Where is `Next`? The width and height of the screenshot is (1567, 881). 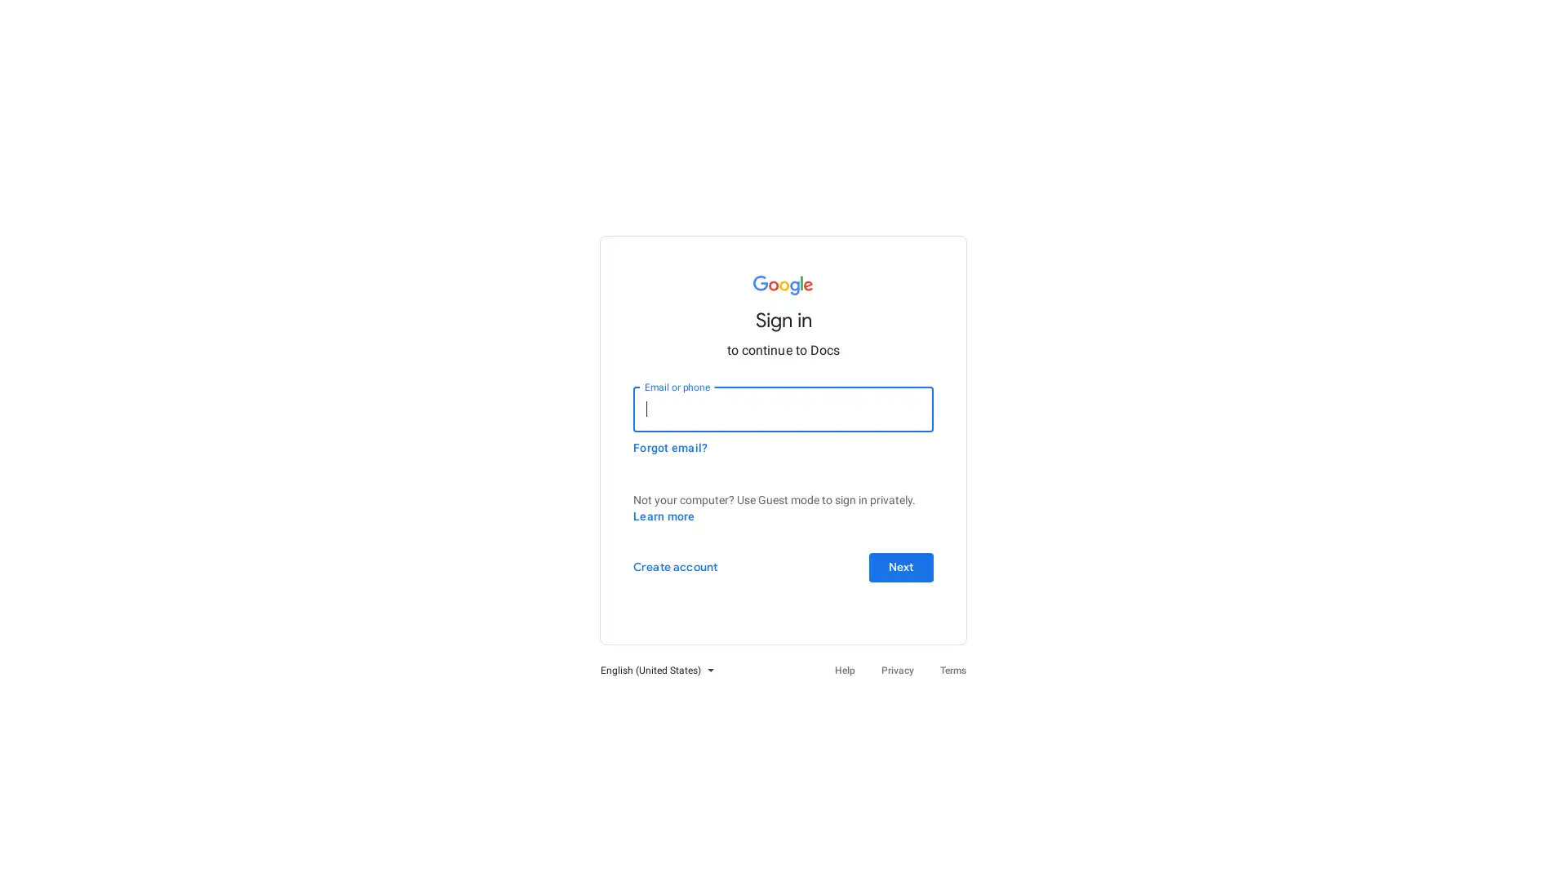 Next is located at coordinates (900, 565).